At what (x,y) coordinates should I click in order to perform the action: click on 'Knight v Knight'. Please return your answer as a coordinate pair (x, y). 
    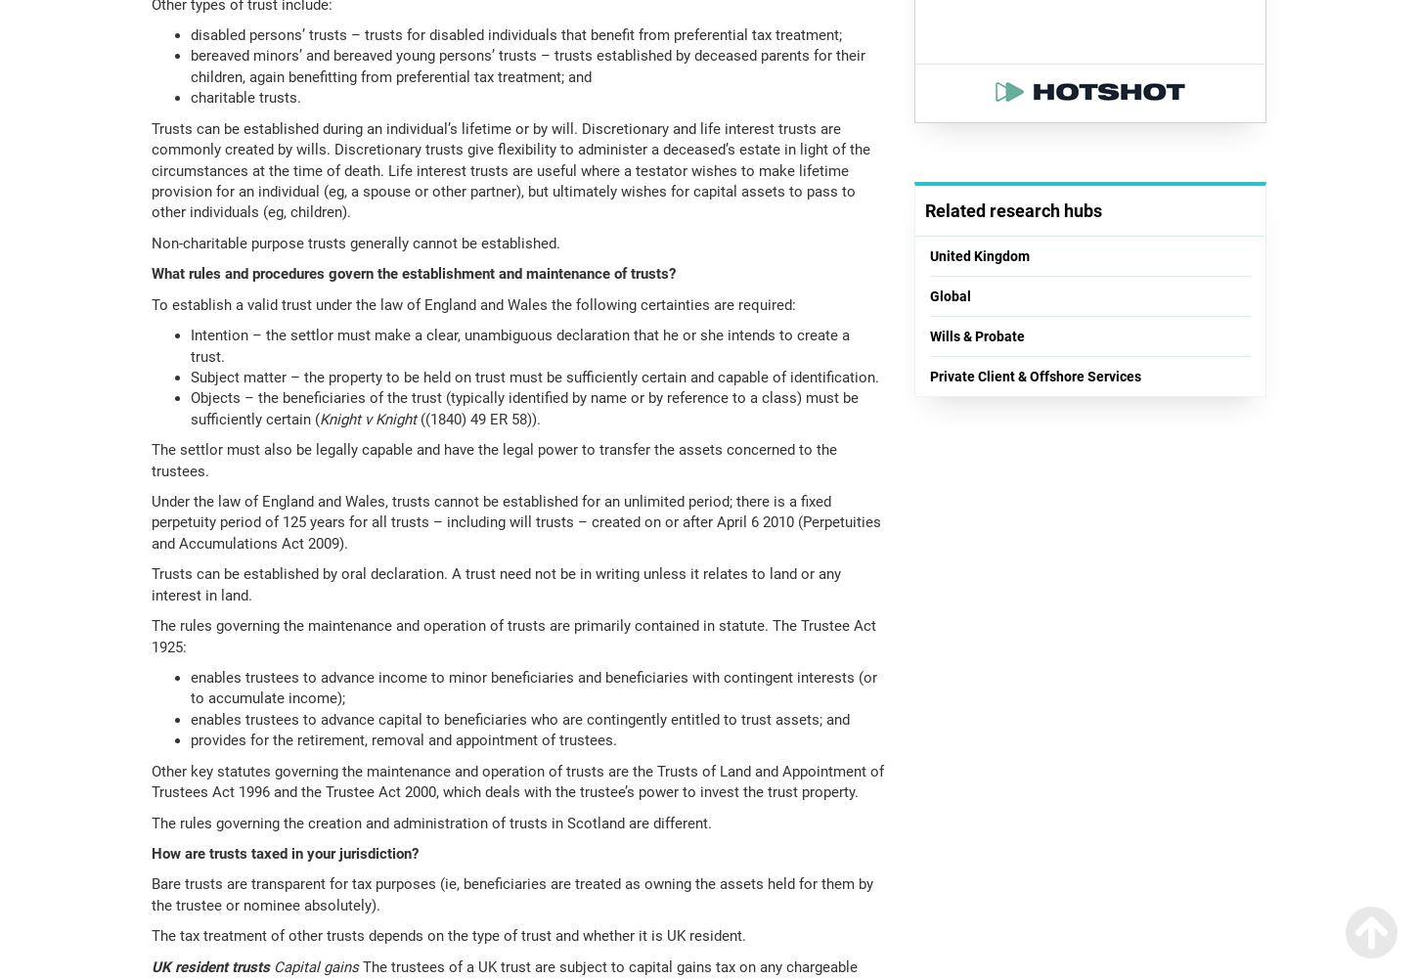
    Looking at the image, I should click on (367, 418).